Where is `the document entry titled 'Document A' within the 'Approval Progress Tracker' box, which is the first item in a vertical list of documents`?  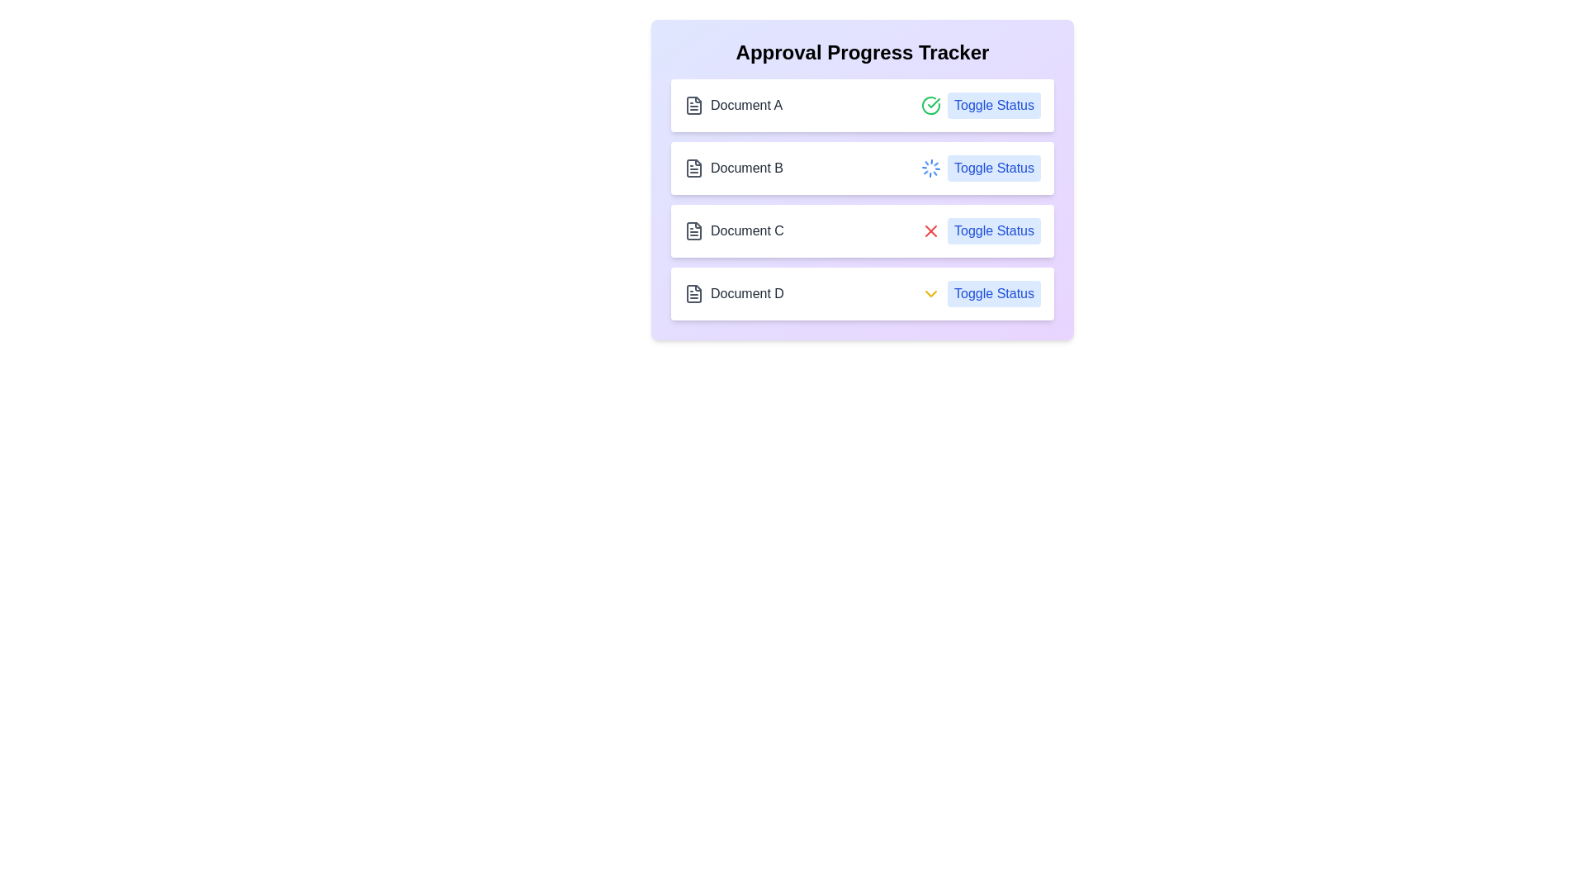 the document entry titled 'Document A' within the 'Approval Progress Tracker' box, which is the first item in a vertical list of documents is located at coordinates (732, 105).